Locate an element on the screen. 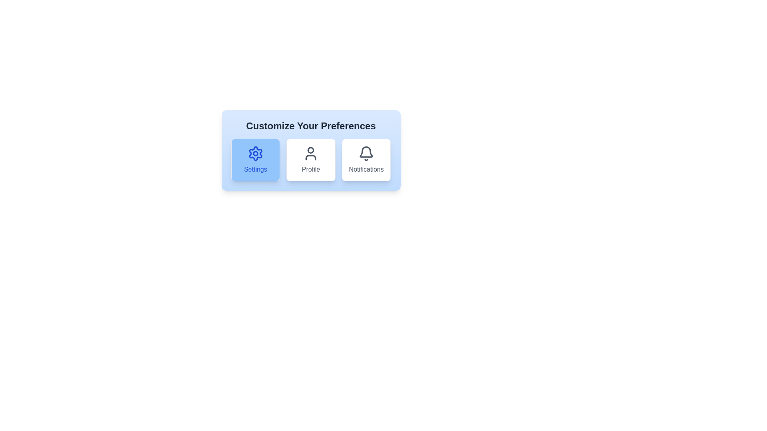 The width and height of the screenshot is (767, 431). the small circle within the profile icon, located at the center of the profile icon in the middle card under the title 'Customize Your Preferences' is located at coordinates (310, 150).